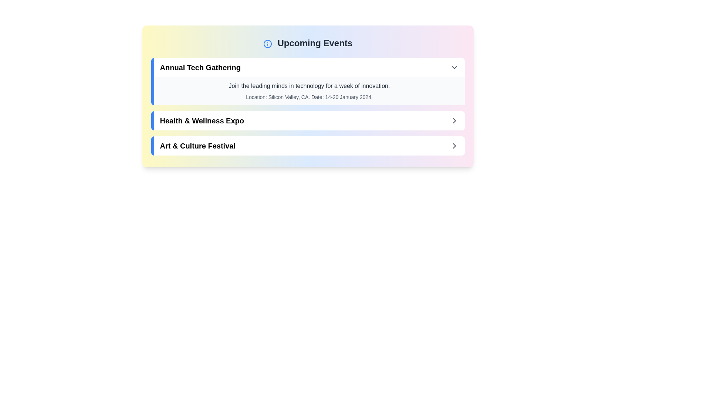 Image resolution: width=710 pixels, height=399 pixels. What do you see at coordinates (309, 91) in the screenshot?
I see `the informational text block that states 'Join the leading minds in technology for a week of innovation.' with location details below it, located beneath the 'Annual Tech Gathering' header` at bounding box center [309, 91].